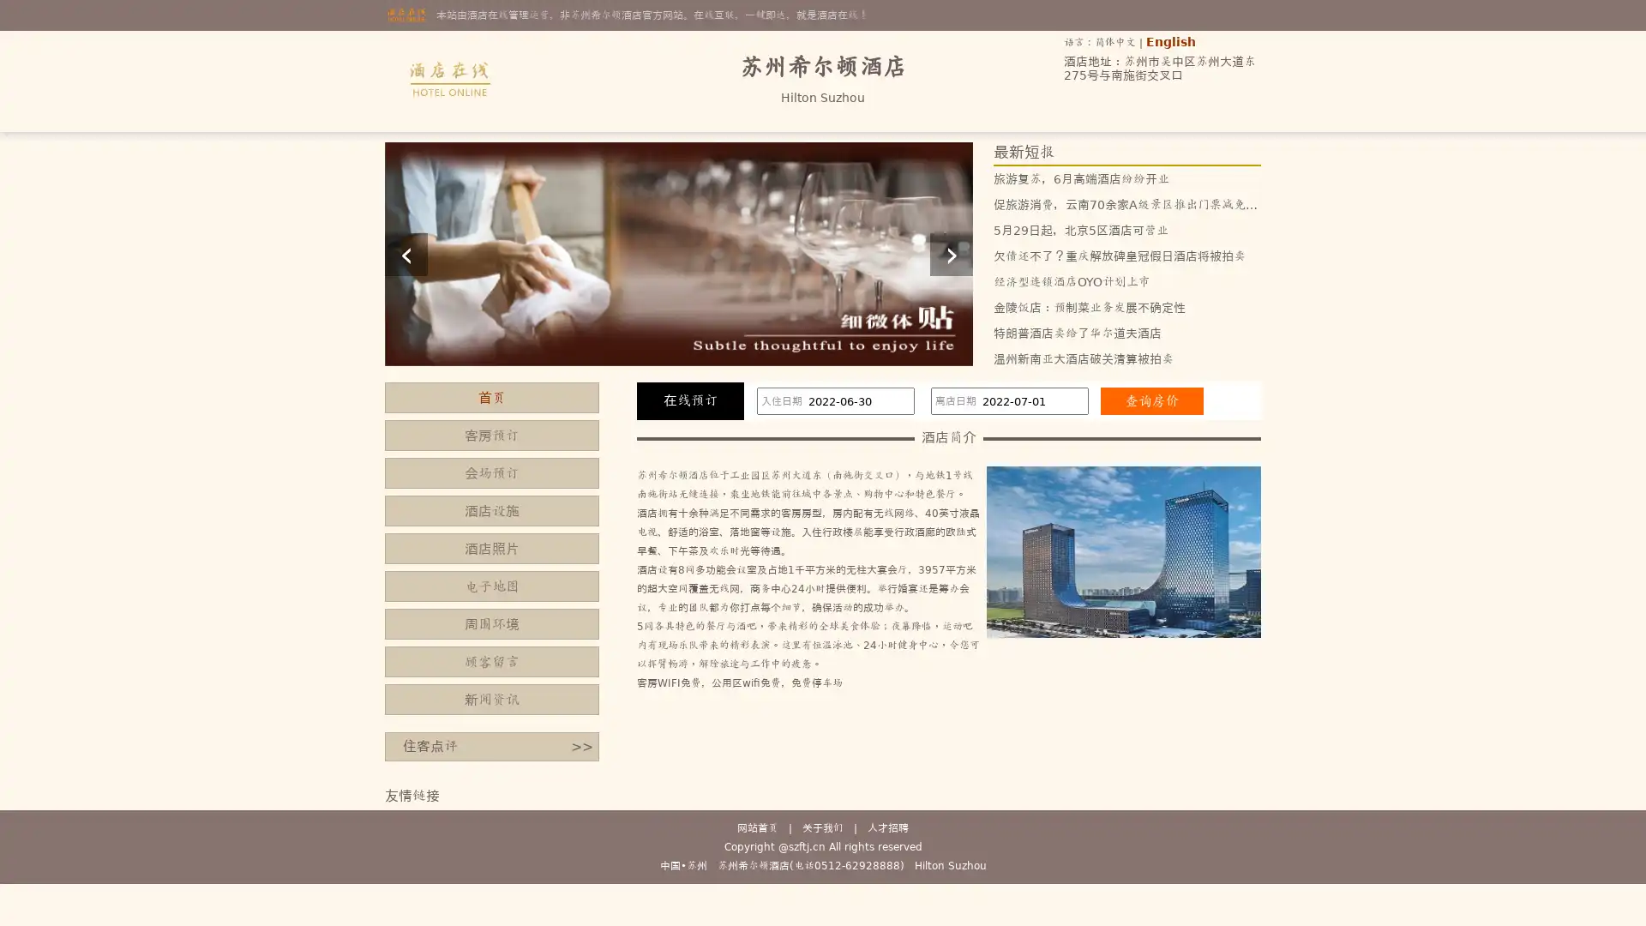  I want to click on Next, so click(950, 254).